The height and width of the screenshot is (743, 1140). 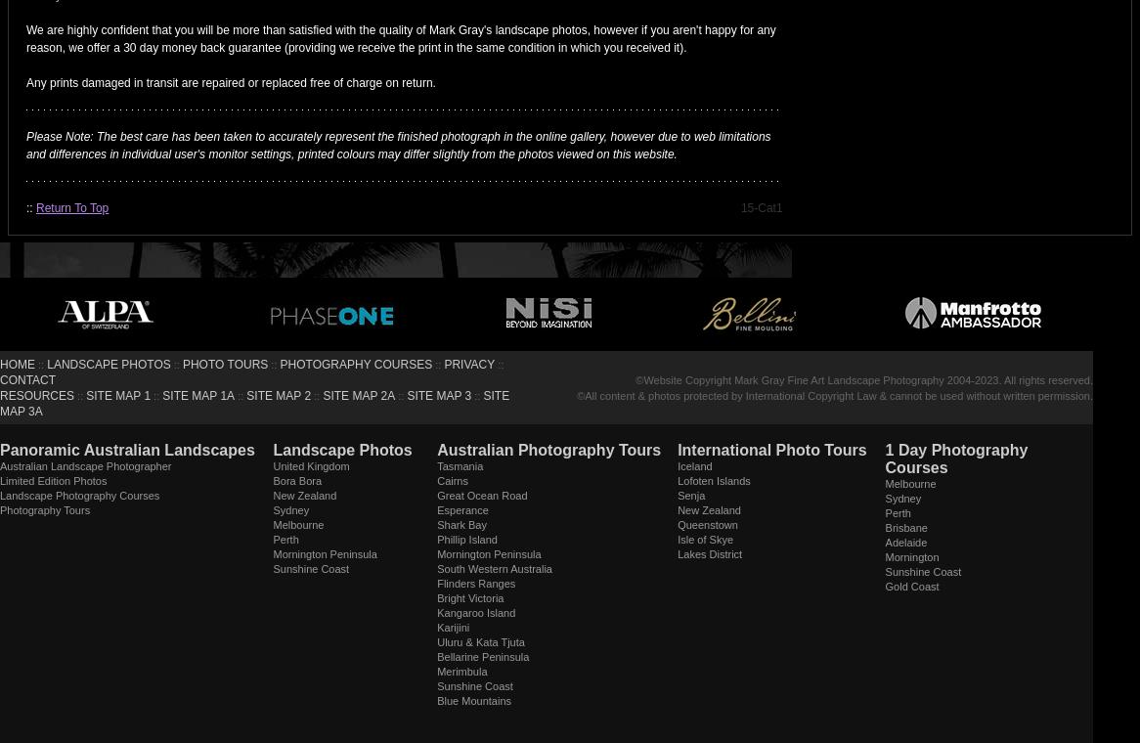 What do you see at coordinates (230, 81) in the screenshot?
I see `'Any prints damaged in transit are repaired or replaced free of charge on return.'` at bounding box center [230, 81].